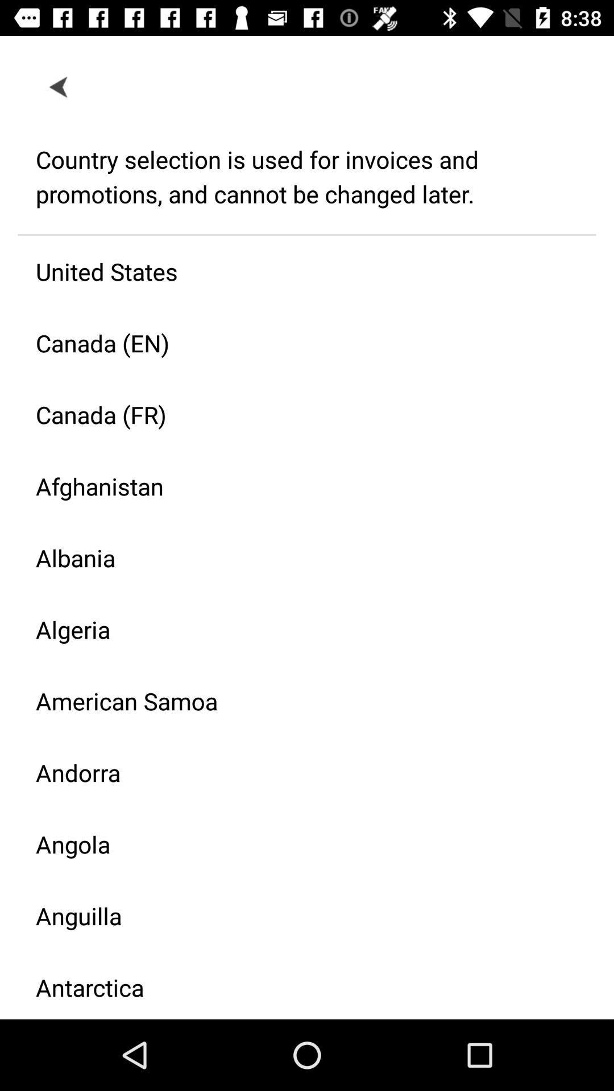 The height and width of the screenshot is (1091, 614). Describe the element at coordinates (297, 844) in the screenshot. I see `the item above anguilla icon` at that location.